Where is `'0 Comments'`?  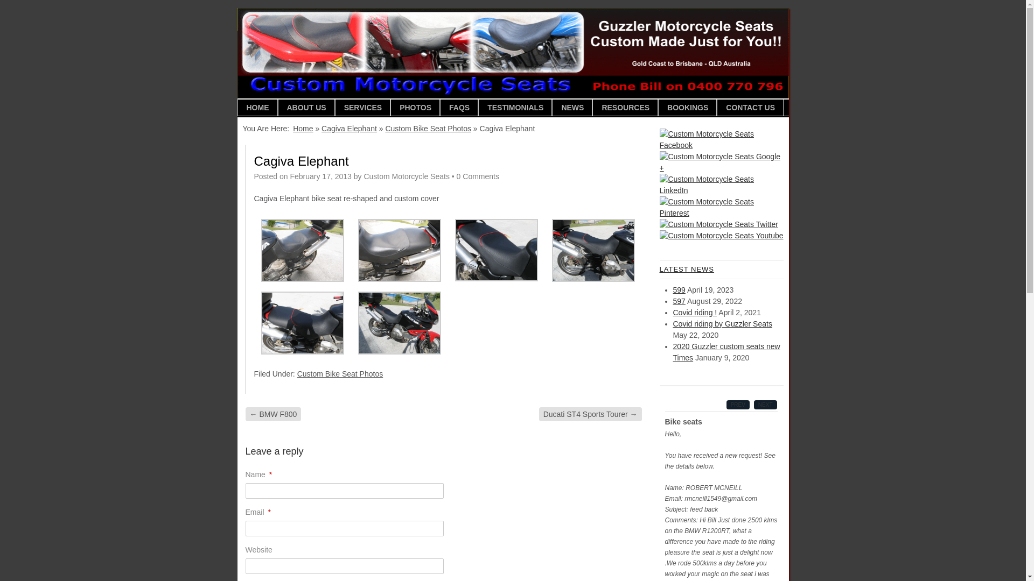 '0 Comments' is located at coordinates (477, 175).